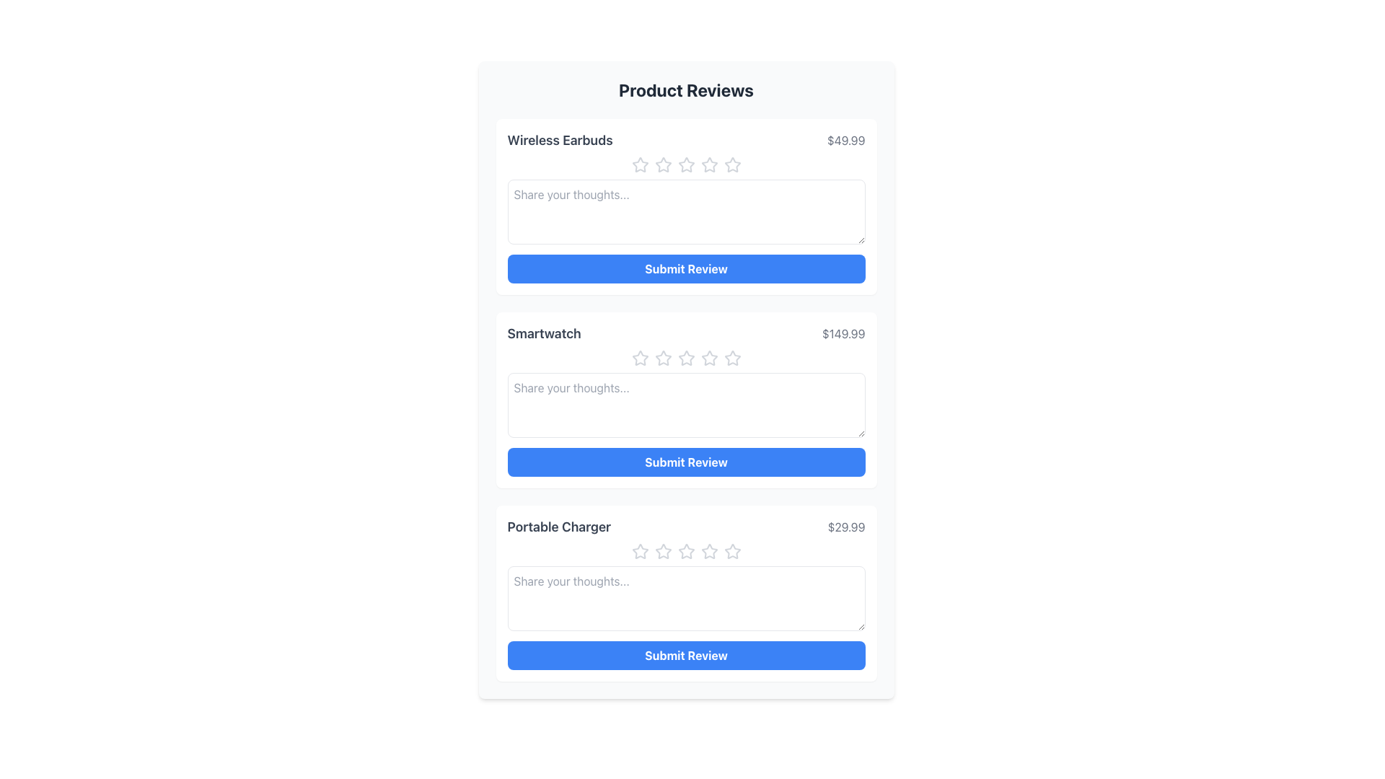 The height and width of the screenshot is (779, 1385). Describe the element at coordinates (731, 357) in the screenshot. I see `the fourth star icon in the rating section of the 'Smartwatch' product review box to rate it` at that location.